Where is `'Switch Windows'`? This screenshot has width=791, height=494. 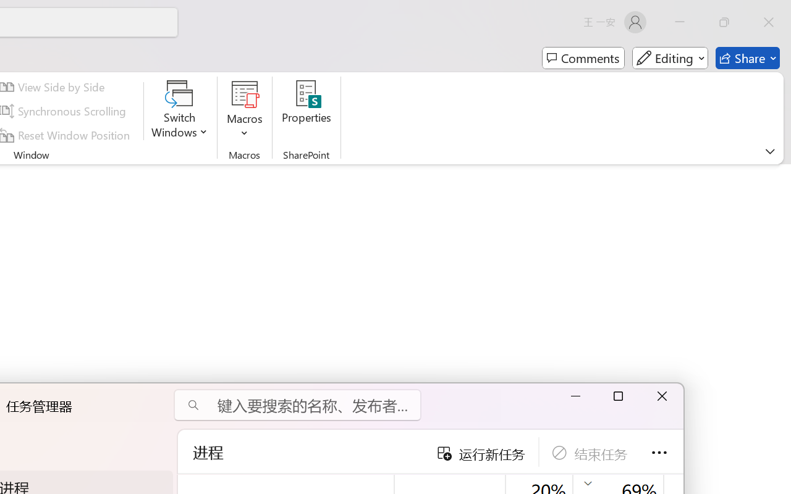
'Switch Windows' is located at coordinates (179, 111).